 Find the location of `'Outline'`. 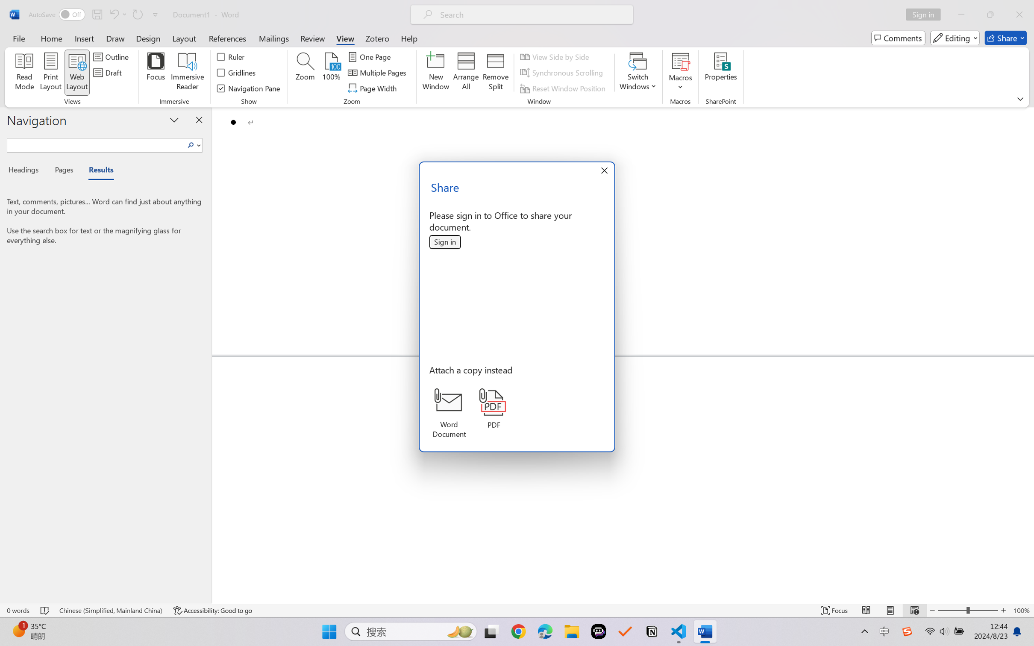

'Outline' is located at coordinates (112, 56).